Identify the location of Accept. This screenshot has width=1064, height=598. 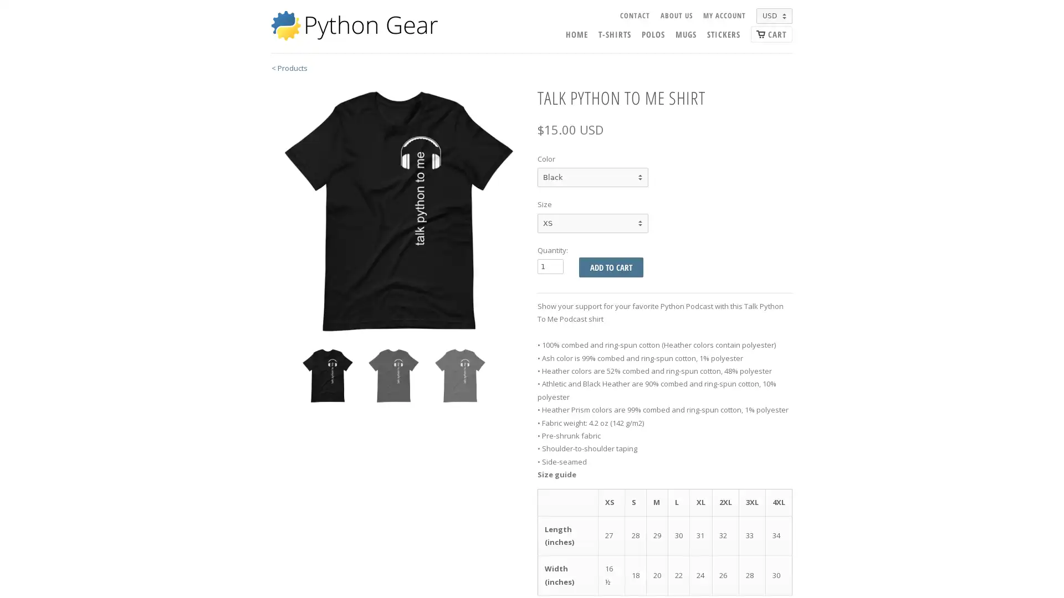
(1009, 578).